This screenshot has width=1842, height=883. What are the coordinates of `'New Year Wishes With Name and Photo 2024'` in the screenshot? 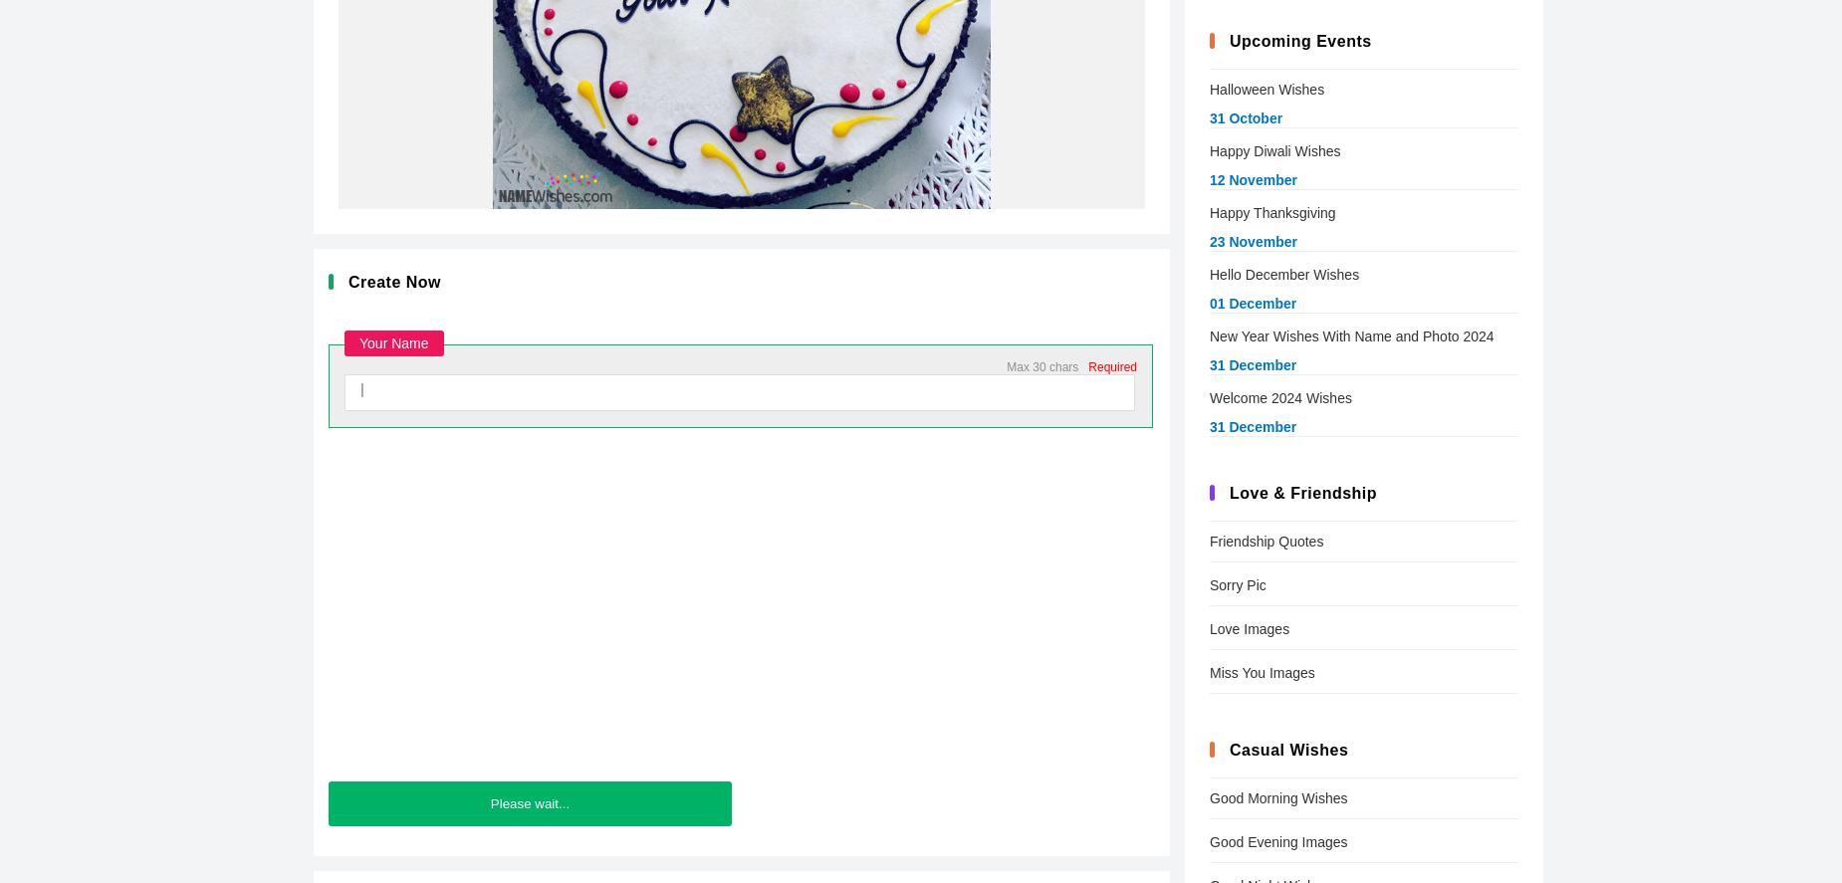 It's located at (1350, 336).